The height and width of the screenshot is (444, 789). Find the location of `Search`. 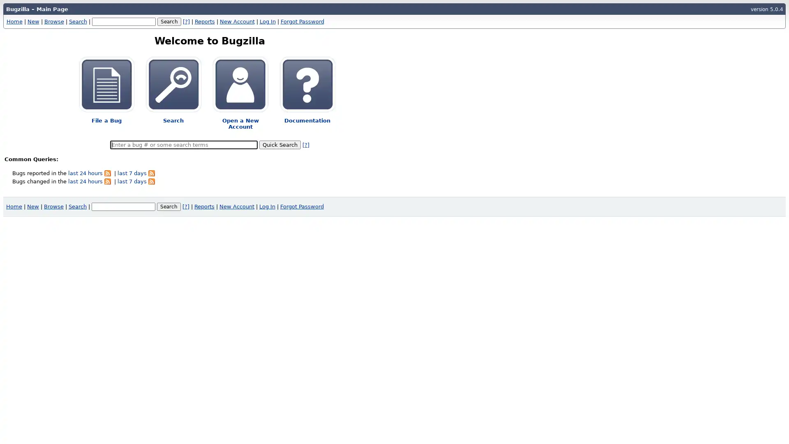

Search is located at coordinates (168, 206).